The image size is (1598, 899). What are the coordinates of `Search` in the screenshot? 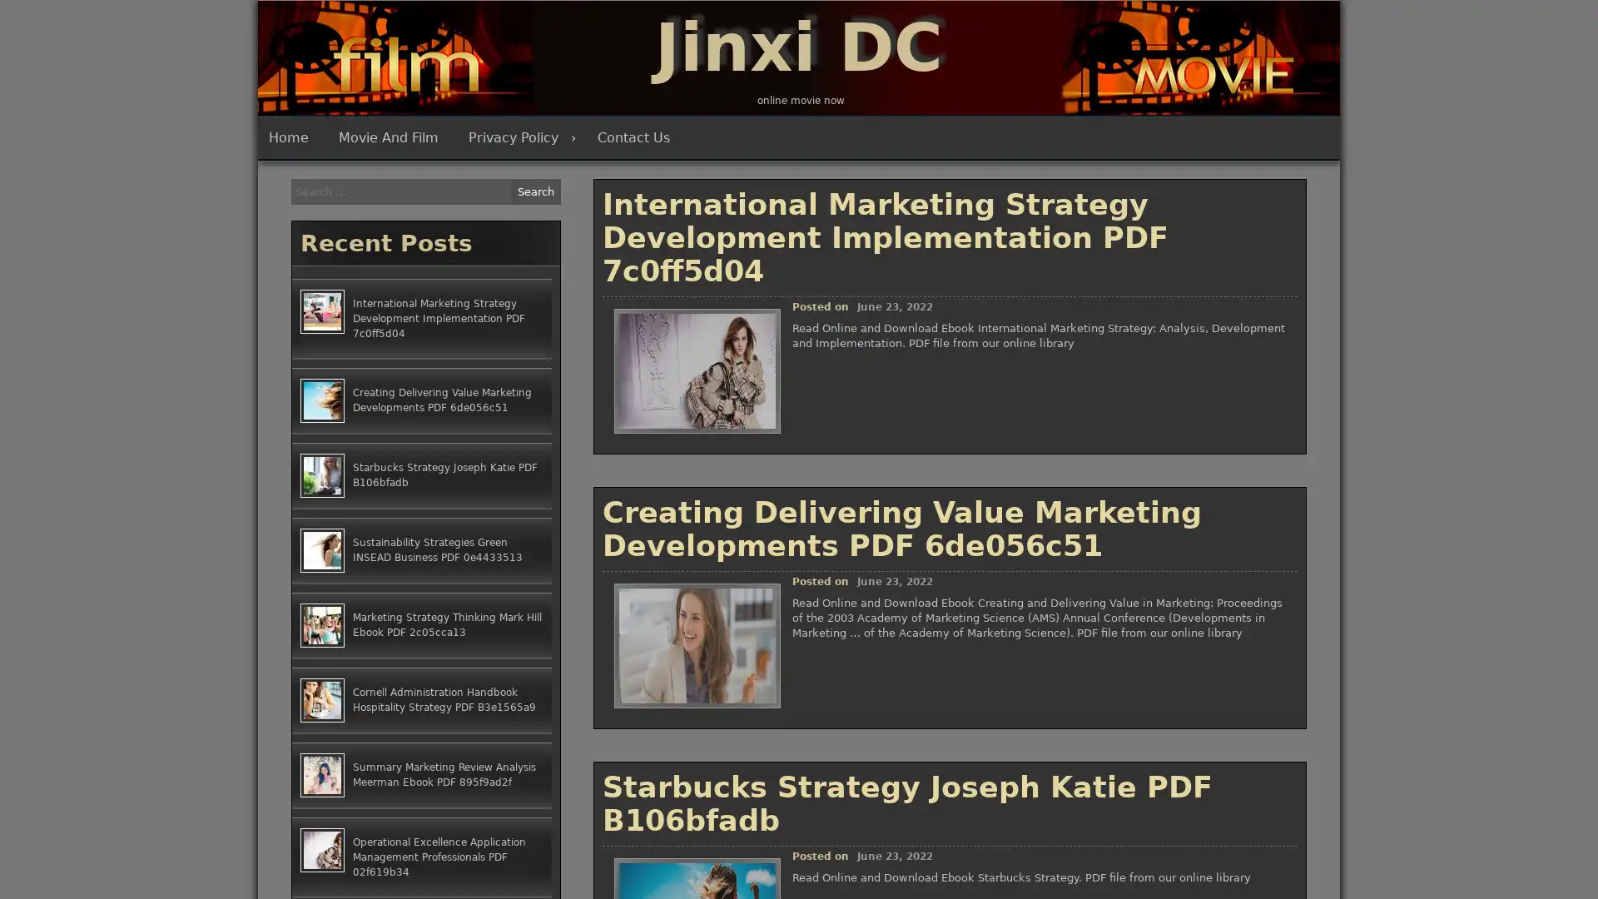 It's located at (535, 191).